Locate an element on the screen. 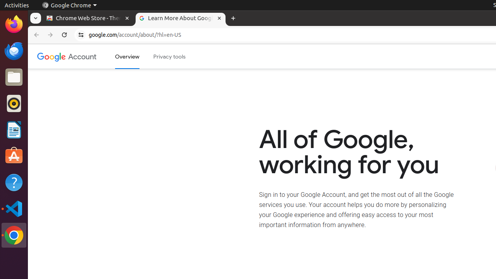 The image size is (496, 279). 'Forward' is located at coordinates (50, 35).